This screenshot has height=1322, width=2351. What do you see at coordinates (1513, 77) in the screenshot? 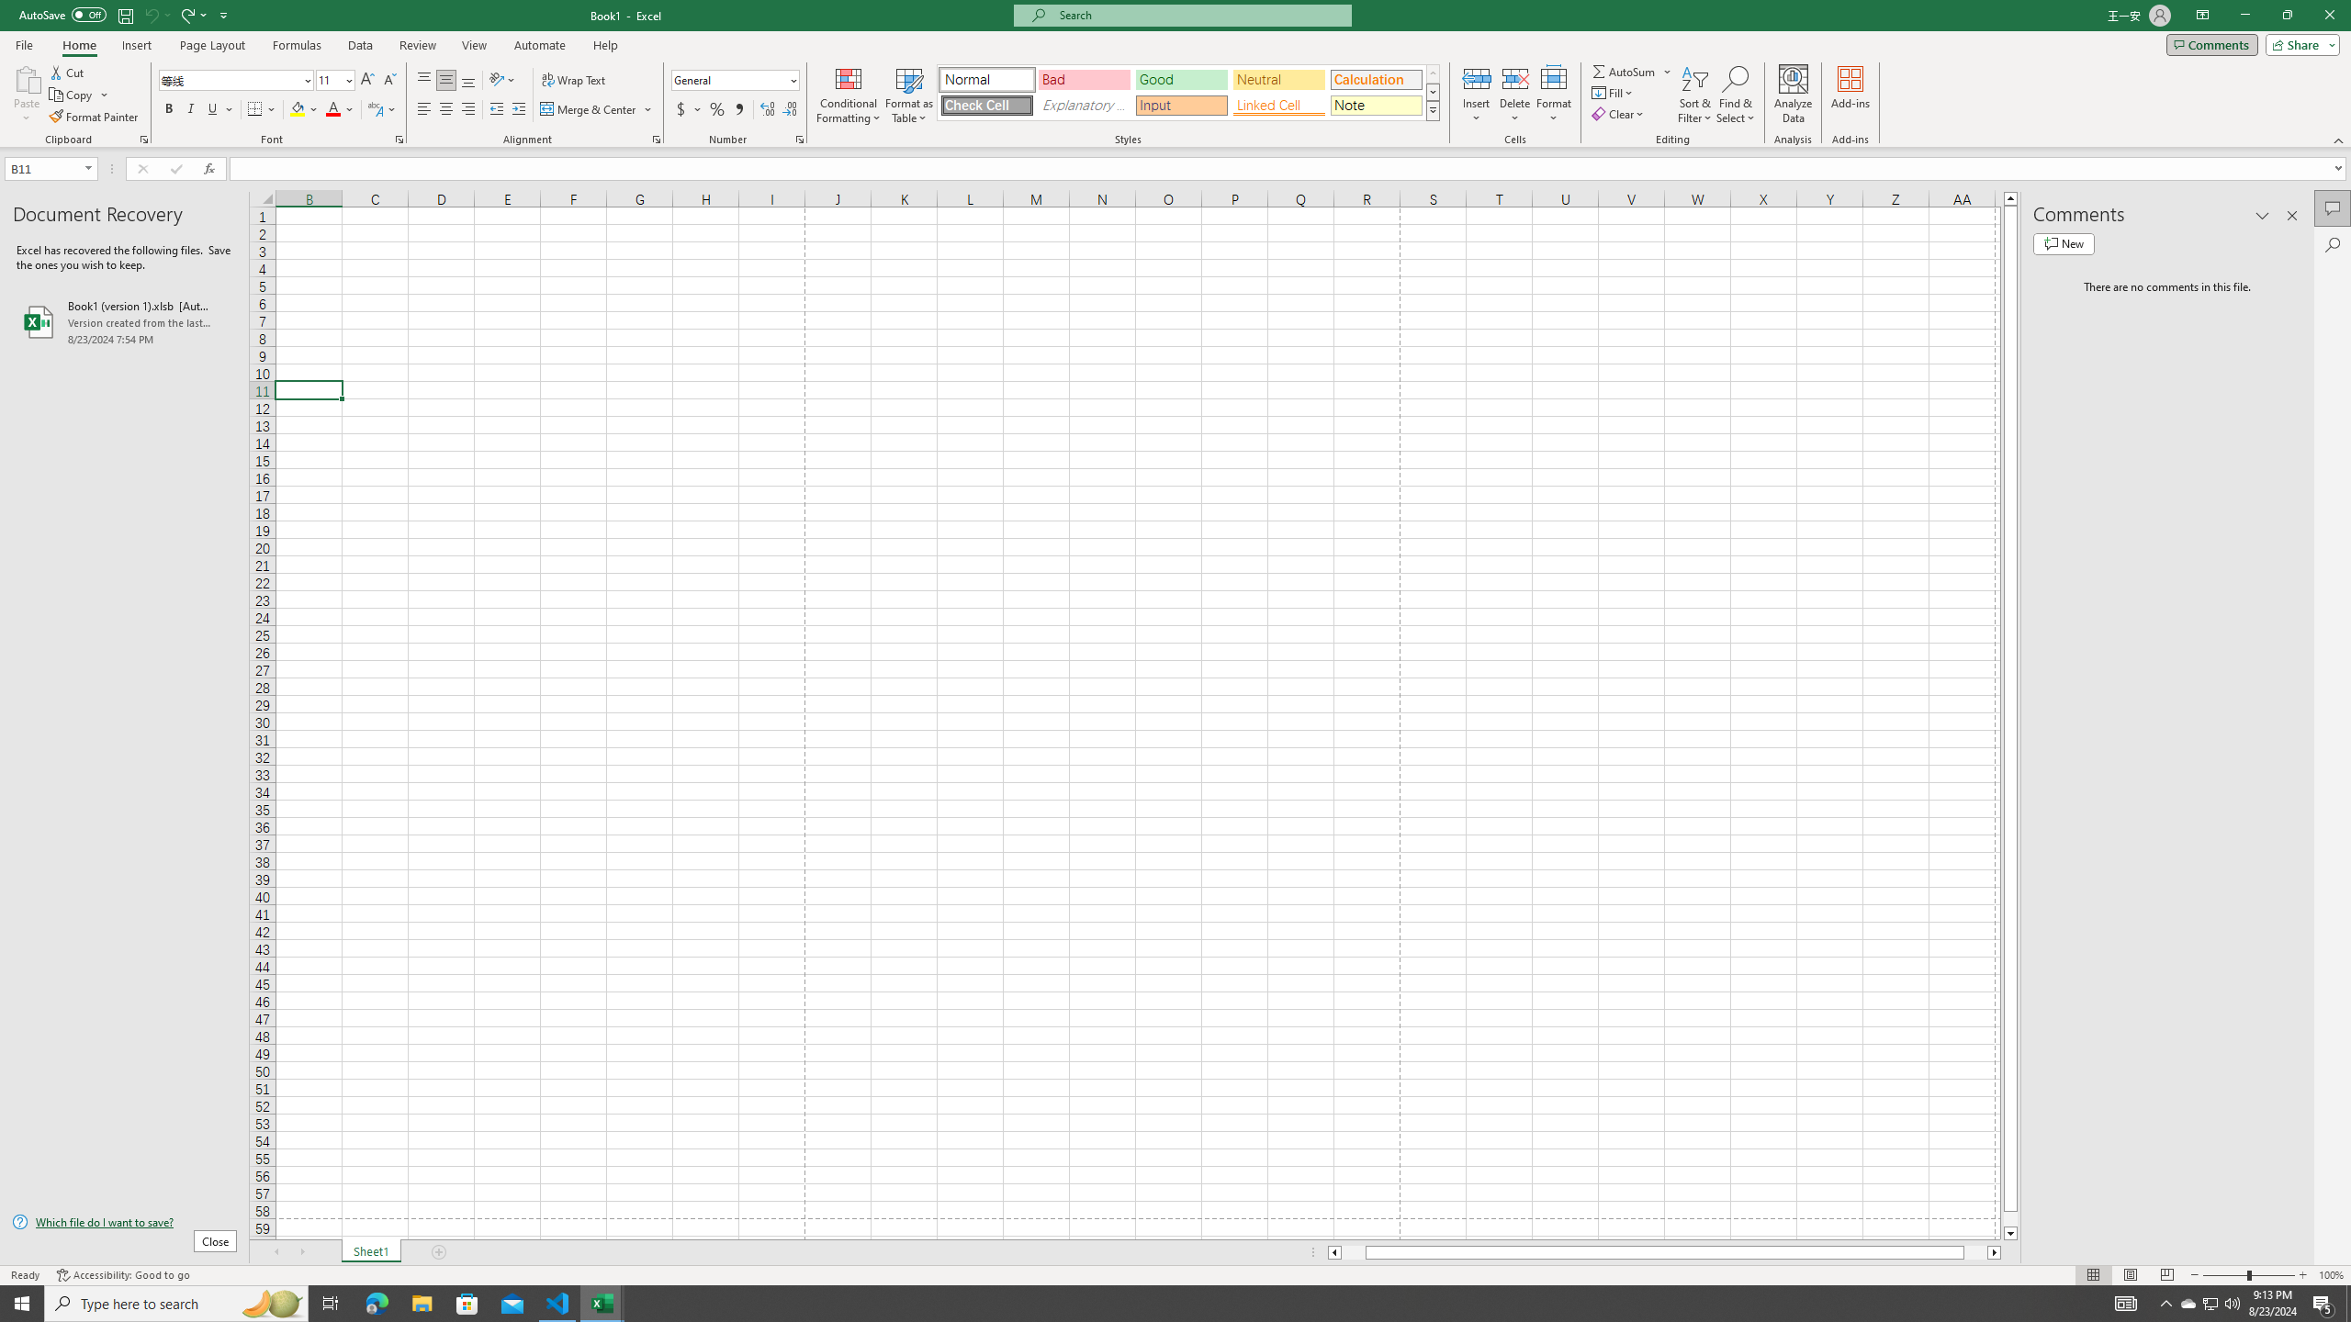
I see `'Delete Cells...'` at bounding box center [1513, 77].